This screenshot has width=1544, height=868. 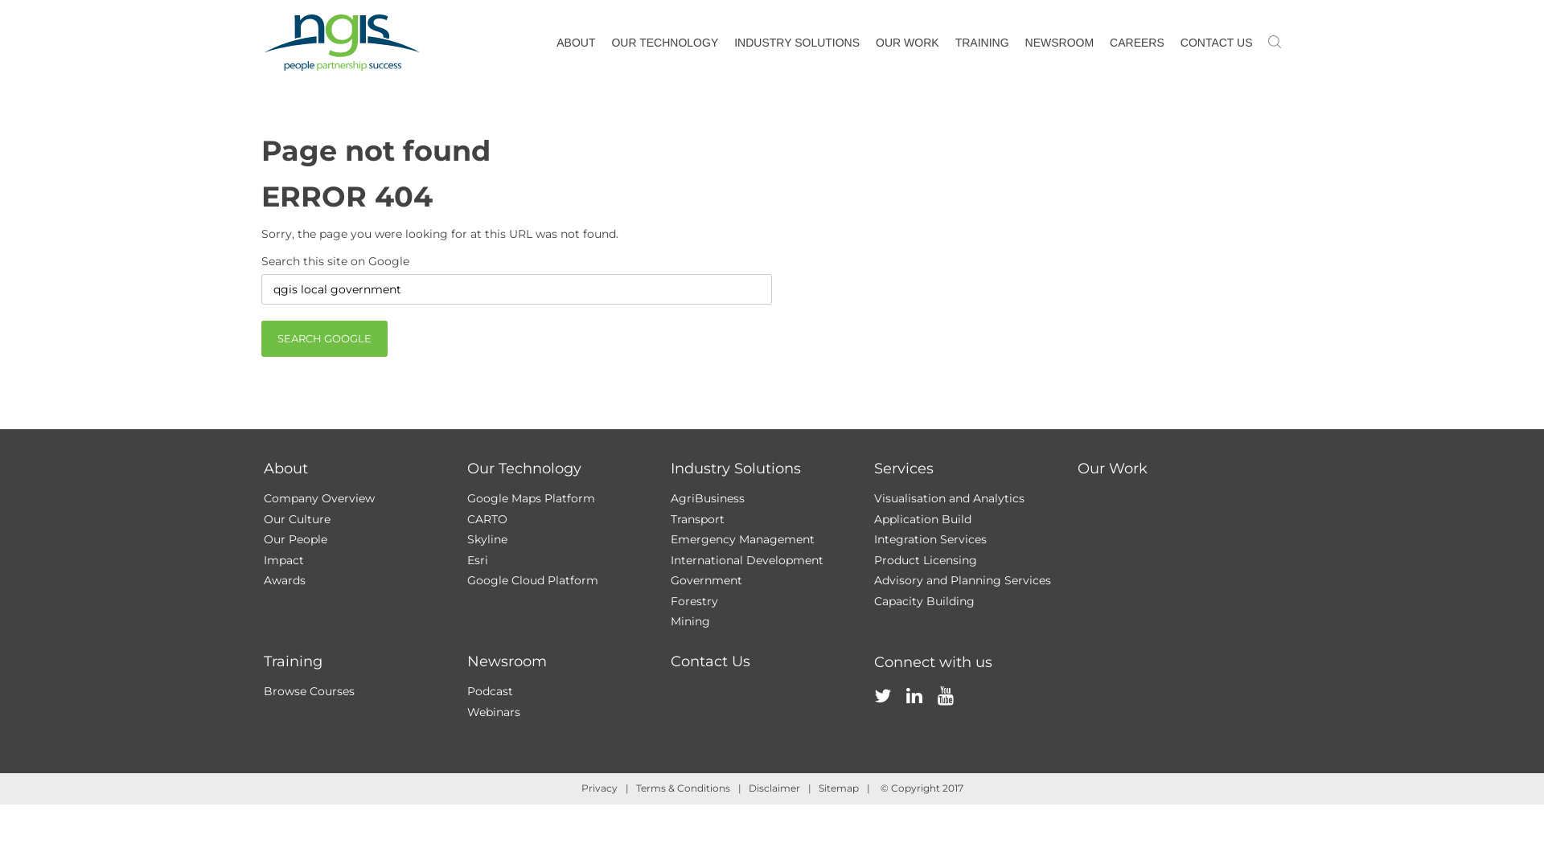 I want to click on 'Webinars', so click(x=492, y=711).